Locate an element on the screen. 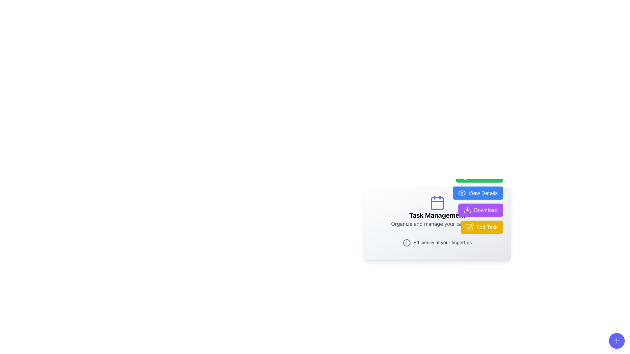 The width and height of the screenshot is (630, 354). the green circular icon with a check mark inside, which is part of the 'Mark Done' button, located on the left side of the button's label is located at coordinates (465, 175).